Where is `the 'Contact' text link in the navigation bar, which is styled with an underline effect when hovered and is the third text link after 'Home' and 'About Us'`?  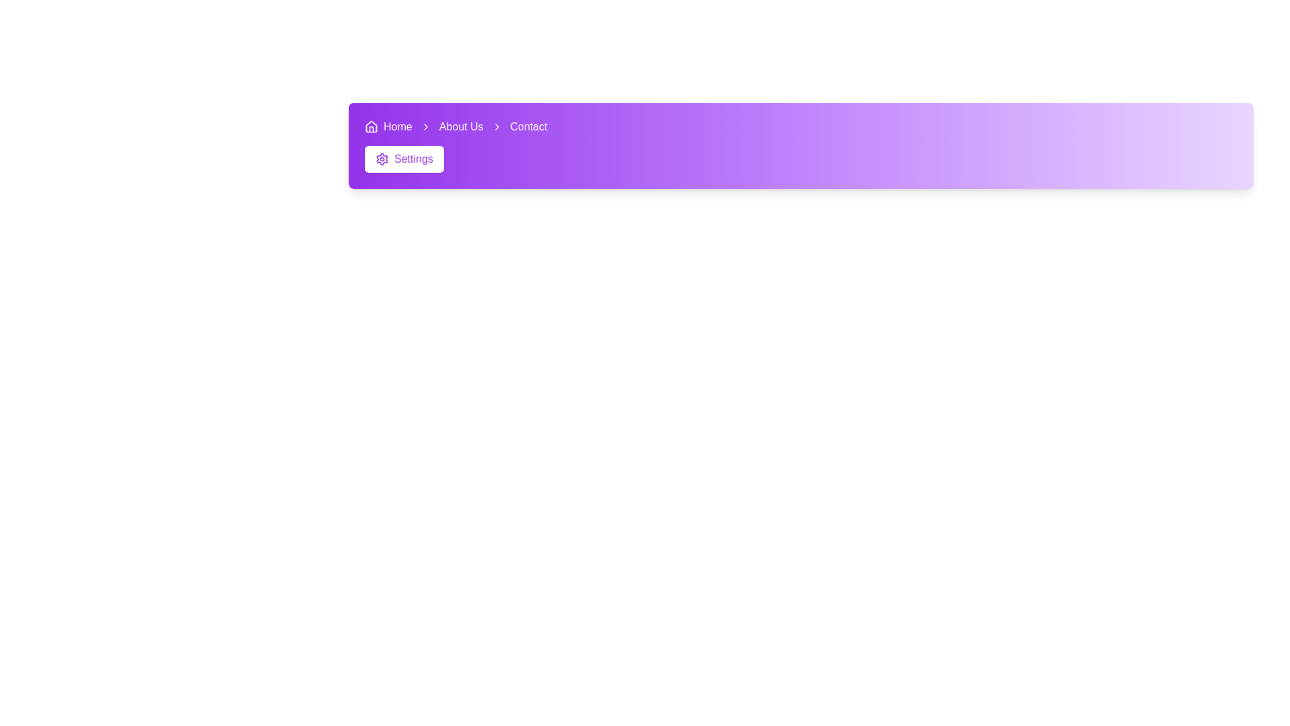 the 'Contact' text link in the navigation bar, which is styled with an underline effect when hovered and is the third text link after 'Home' and 'About Us' is located at coordinates (528, 127).